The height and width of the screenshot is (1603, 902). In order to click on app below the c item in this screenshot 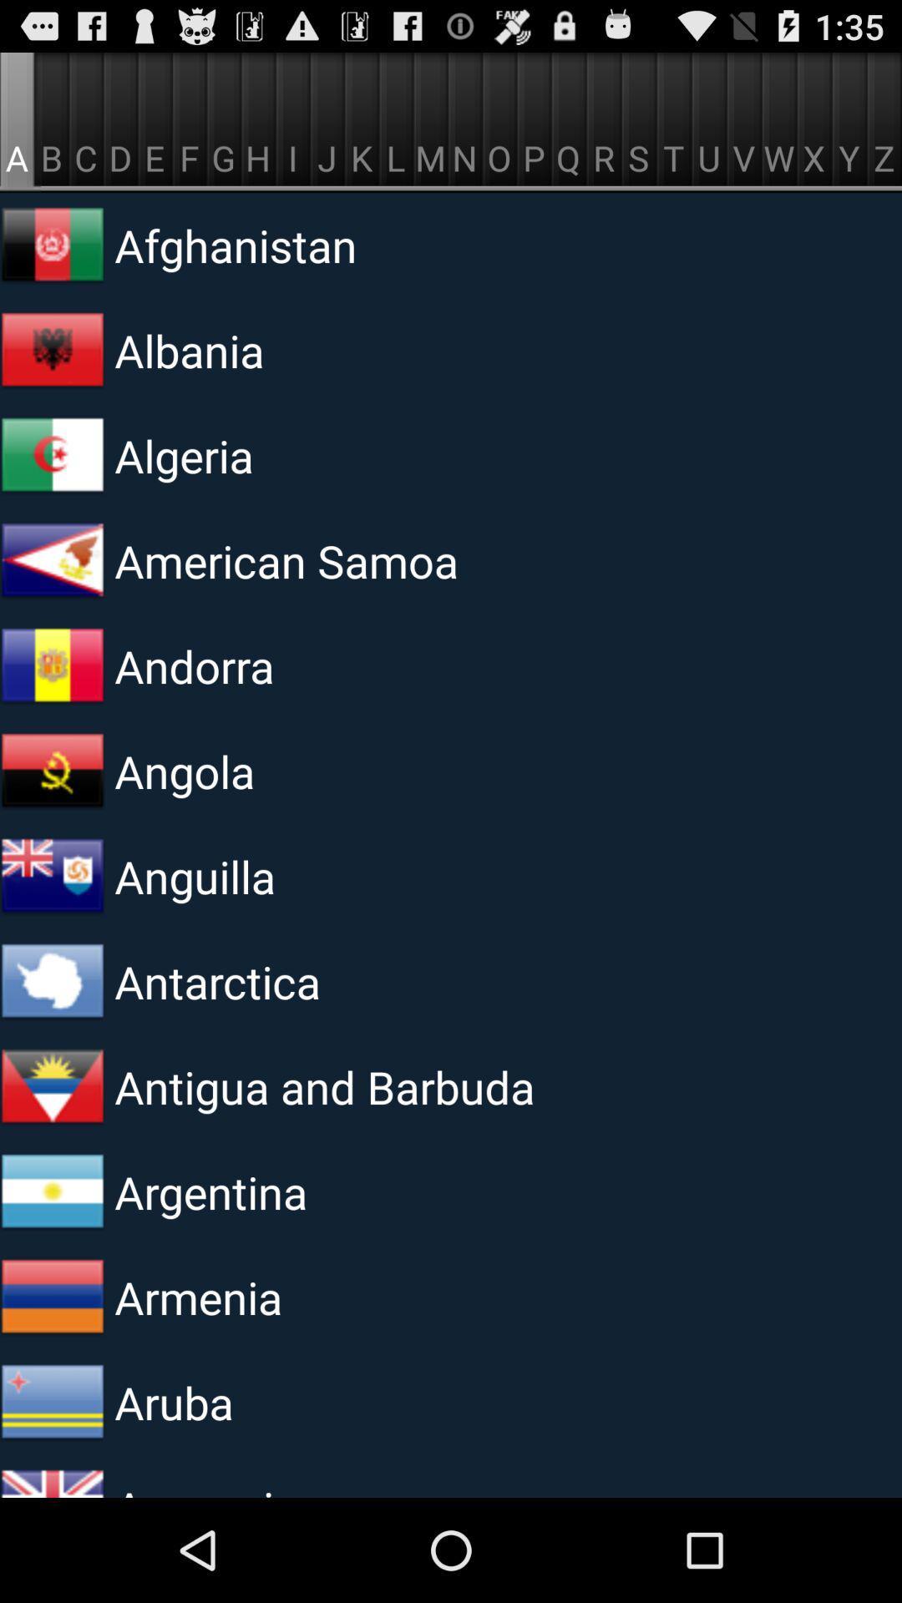, I will do `click(320, 244)`.